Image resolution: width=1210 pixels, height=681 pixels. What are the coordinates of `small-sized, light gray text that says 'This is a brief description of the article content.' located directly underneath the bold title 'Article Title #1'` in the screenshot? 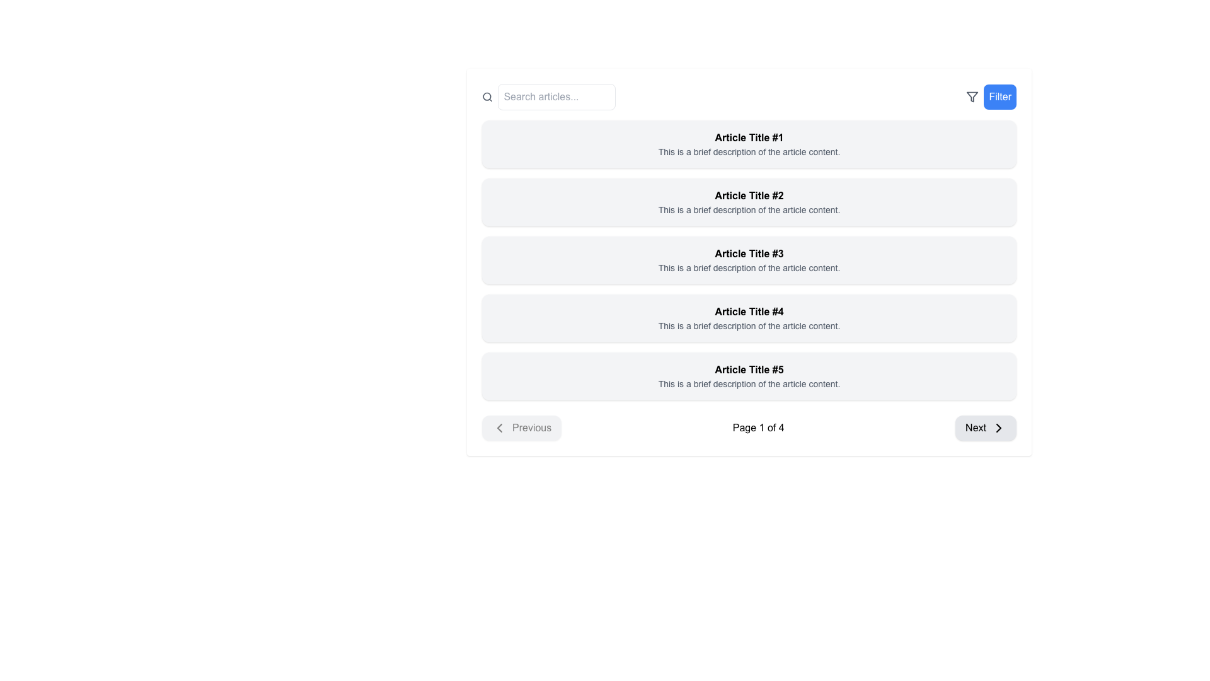 It's located at (749, 151).